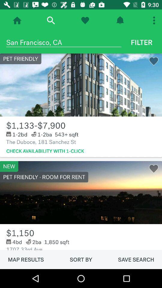 The image size is (162, 288). I want to click on item next to the sort by icon, so click(136, 259).